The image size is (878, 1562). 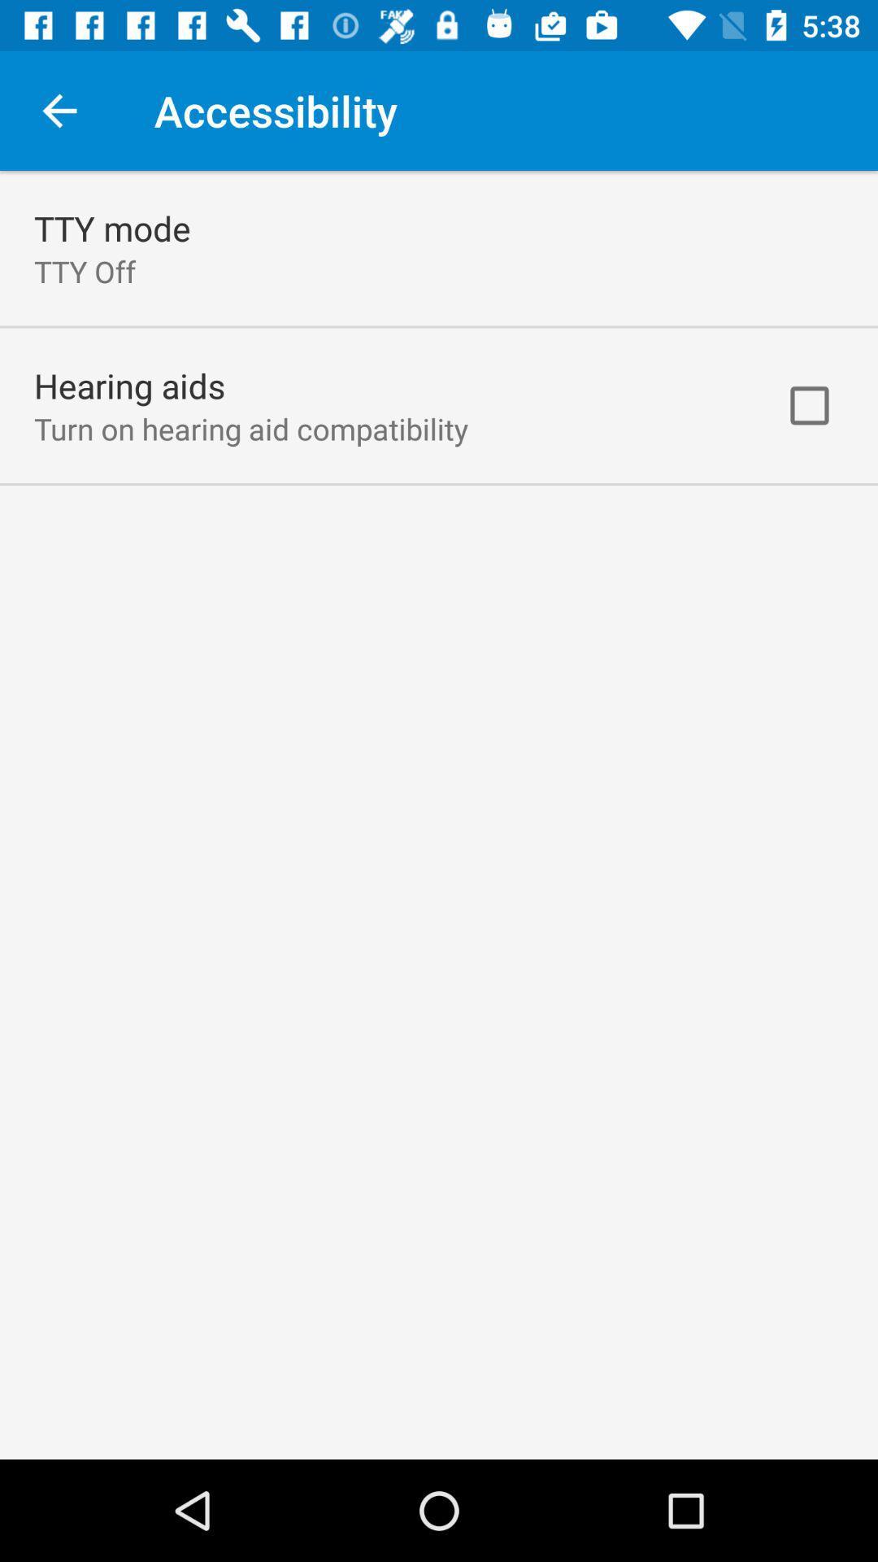 I want to click on turn on hearing icon, so click(x=250, y=429).